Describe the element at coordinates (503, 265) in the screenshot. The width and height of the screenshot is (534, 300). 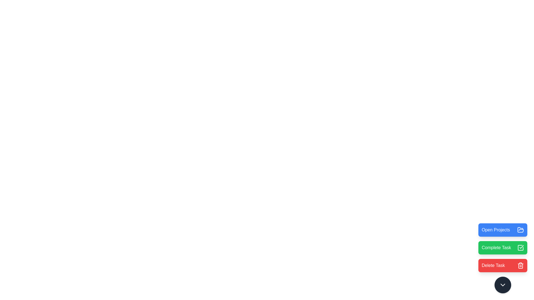
I see `'Delete Task' button to delete a task` at that location.